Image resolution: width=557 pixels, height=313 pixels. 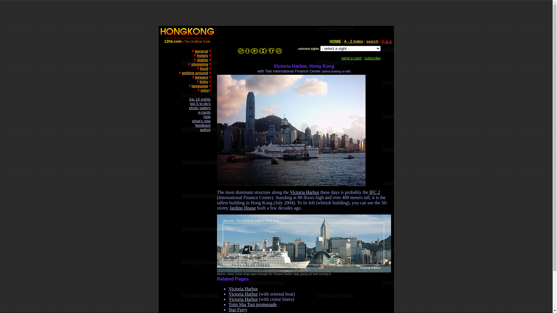 I want to click on 'search', so click(x=372, y=41).